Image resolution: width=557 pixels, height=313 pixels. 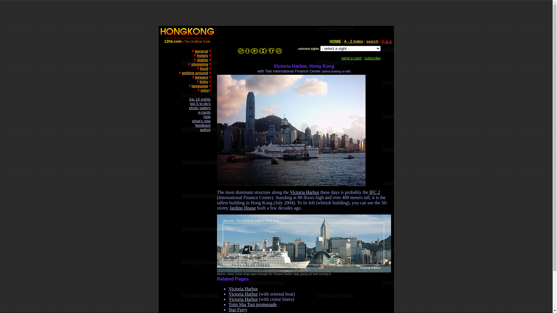 I want to click on 'search', so click(x=372, y=41).